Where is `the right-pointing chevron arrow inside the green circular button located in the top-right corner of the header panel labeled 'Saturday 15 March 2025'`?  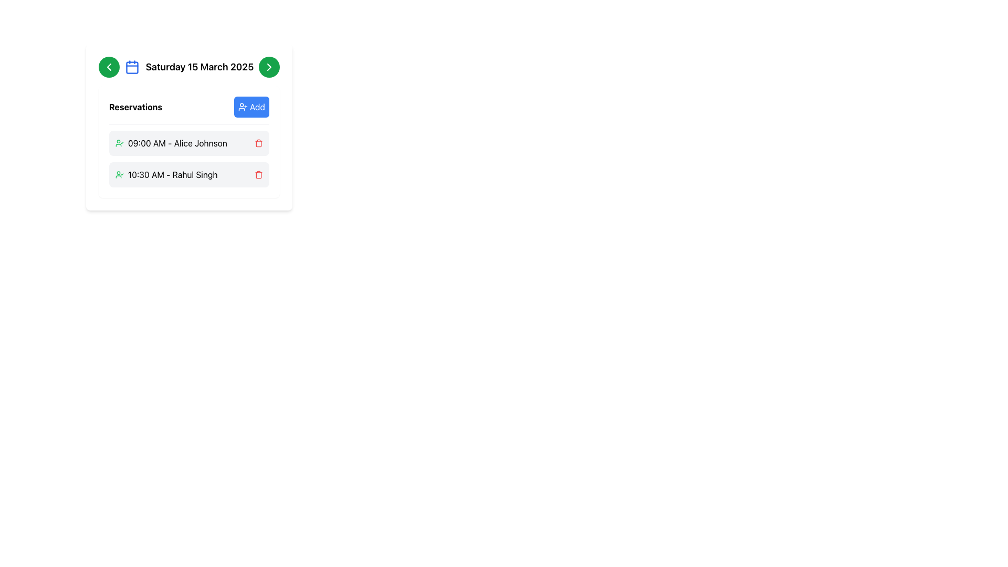 the right-pointing chevron arrow inside the green circular button located in the top-right corner of the header panel labeled 'Saturday 15 March 2025' is located at coordinates (269, 67).